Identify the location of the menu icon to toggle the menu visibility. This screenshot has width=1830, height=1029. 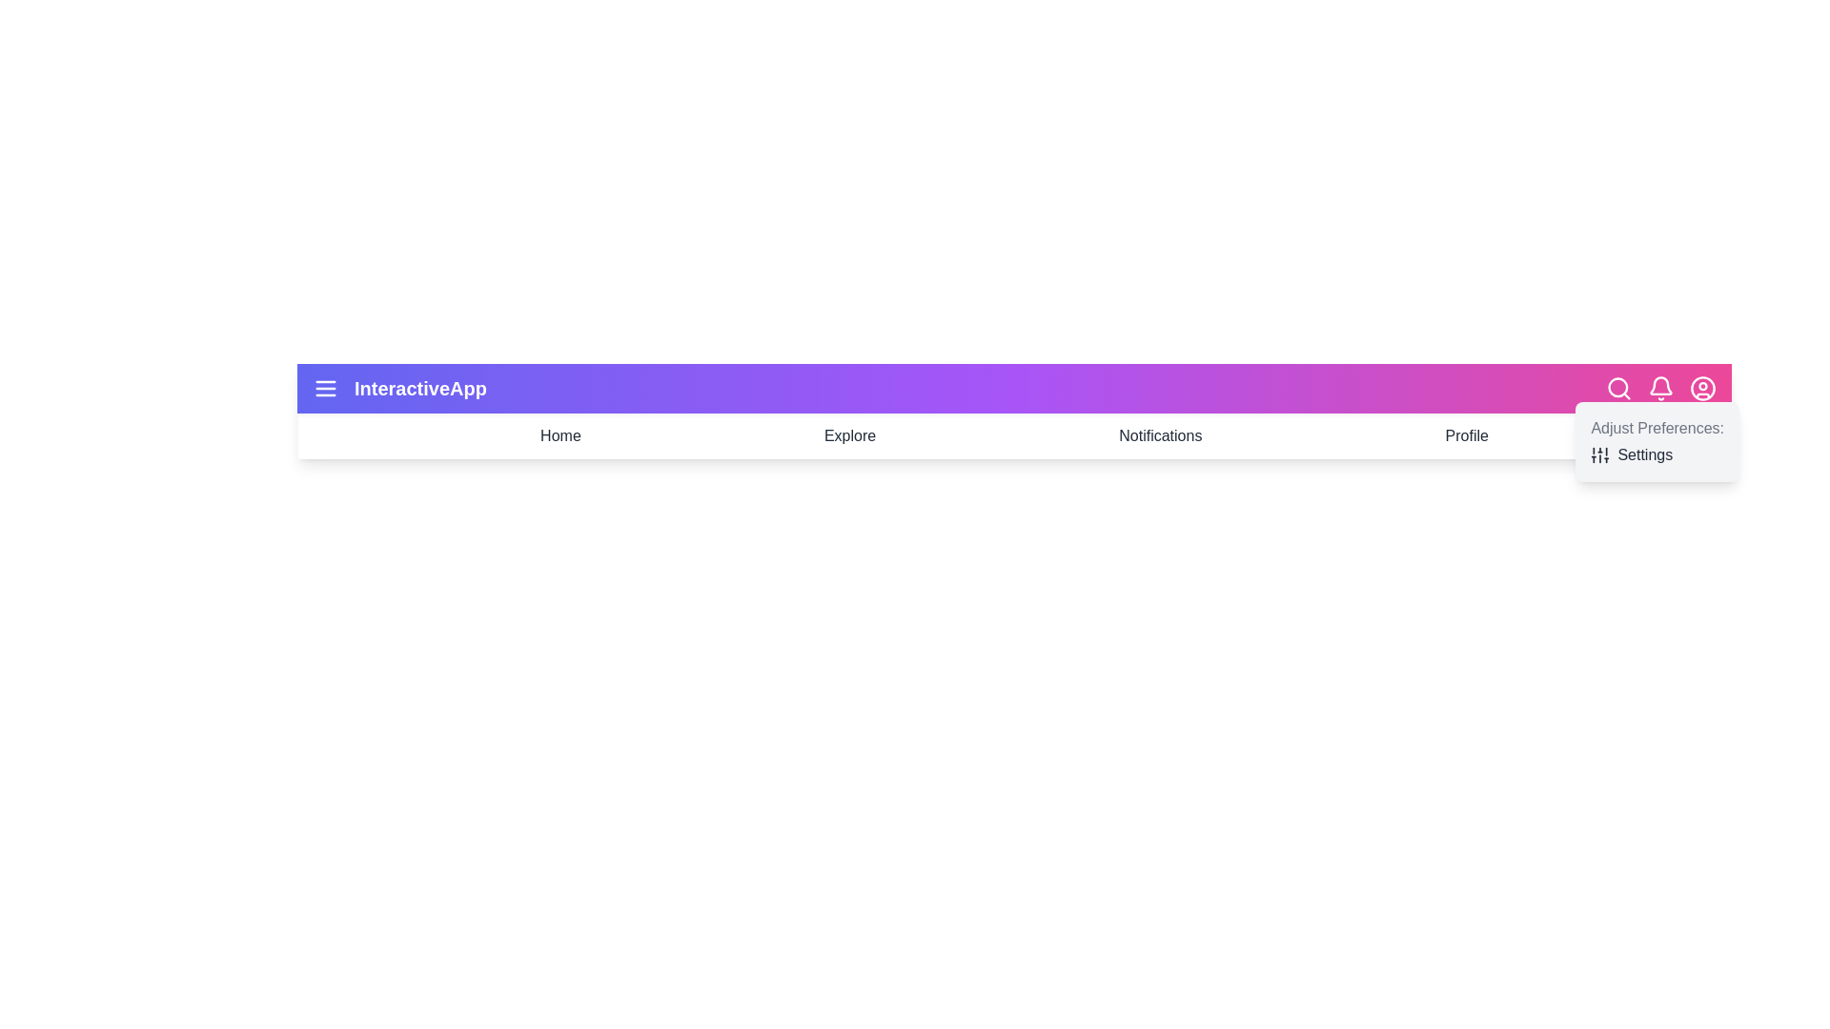
(325, 388).